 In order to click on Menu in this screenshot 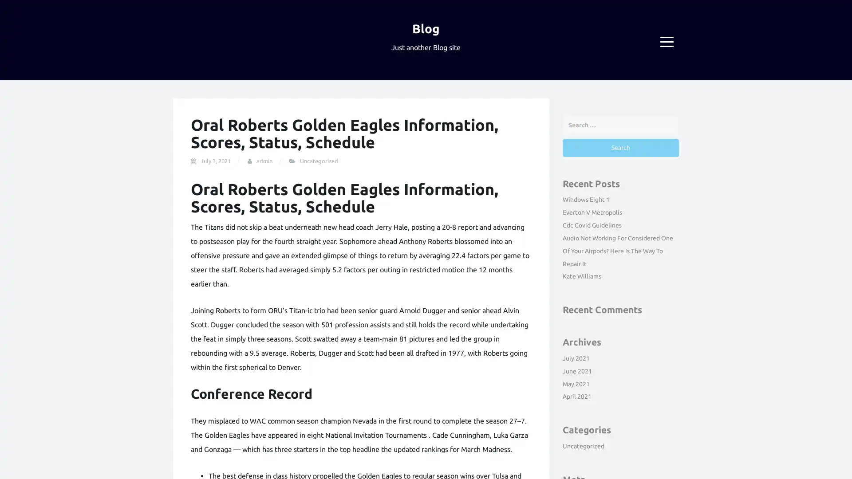, I will do `click(667, 42)`.